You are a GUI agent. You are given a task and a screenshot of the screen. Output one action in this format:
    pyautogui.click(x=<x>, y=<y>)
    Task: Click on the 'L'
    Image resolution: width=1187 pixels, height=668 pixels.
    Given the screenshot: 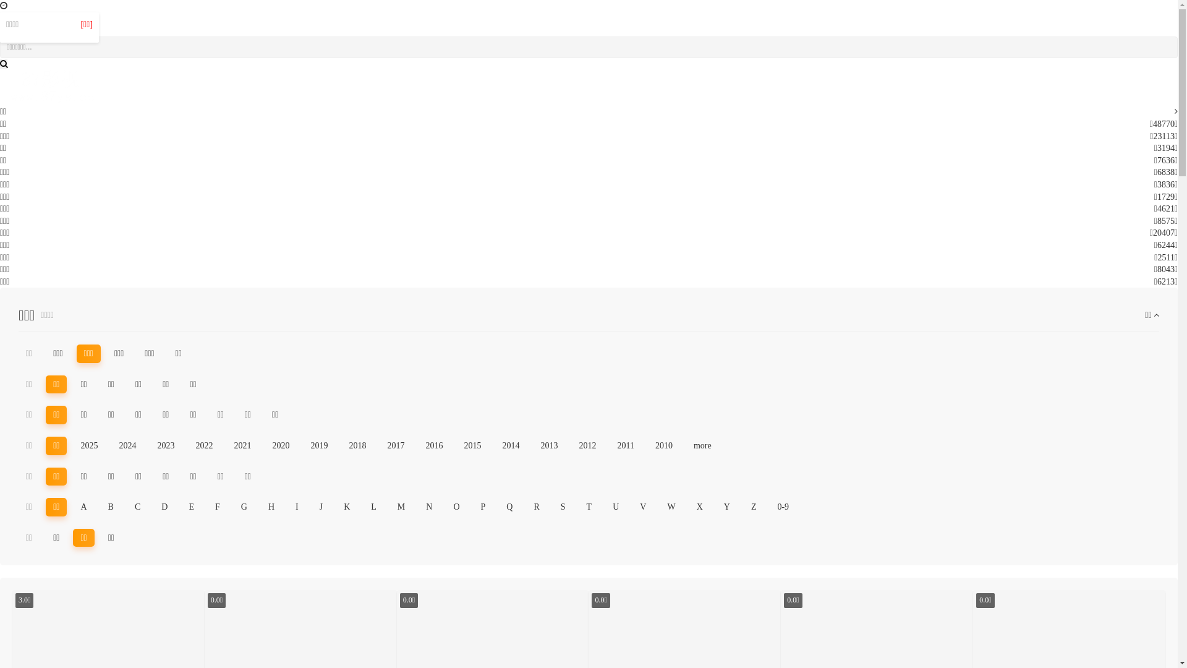 What is the action you would take?
    pyautogui.click(x=363, y=507)
    